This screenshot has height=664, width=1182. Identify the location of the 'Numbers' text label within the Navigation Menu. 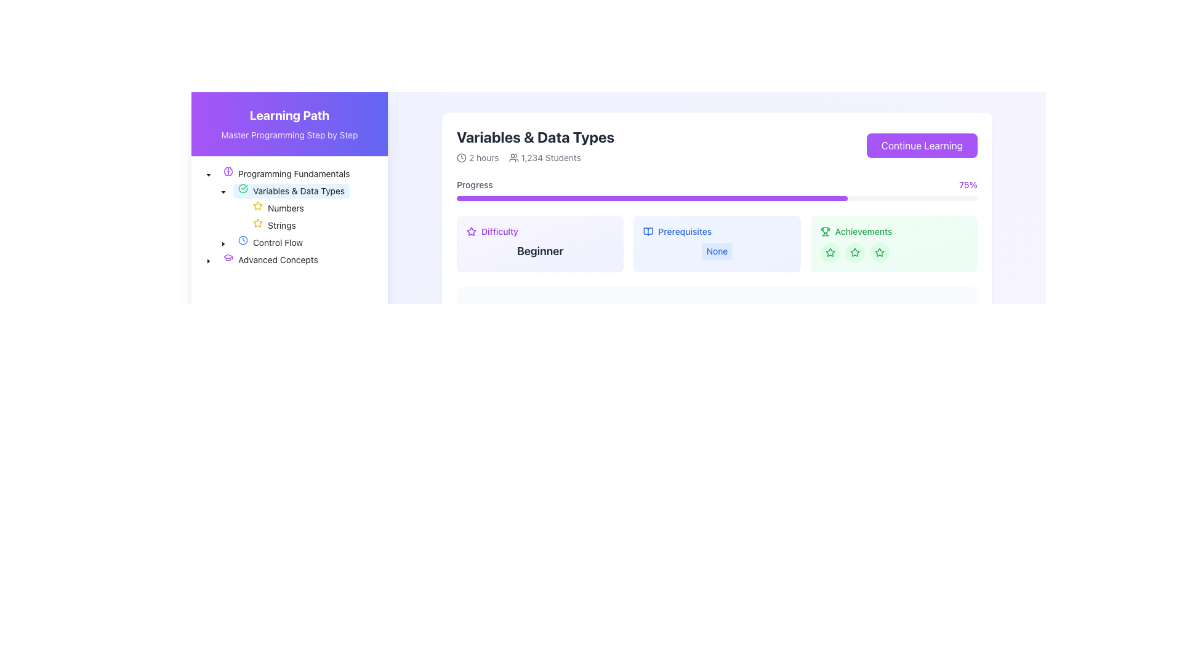
(285, 207).